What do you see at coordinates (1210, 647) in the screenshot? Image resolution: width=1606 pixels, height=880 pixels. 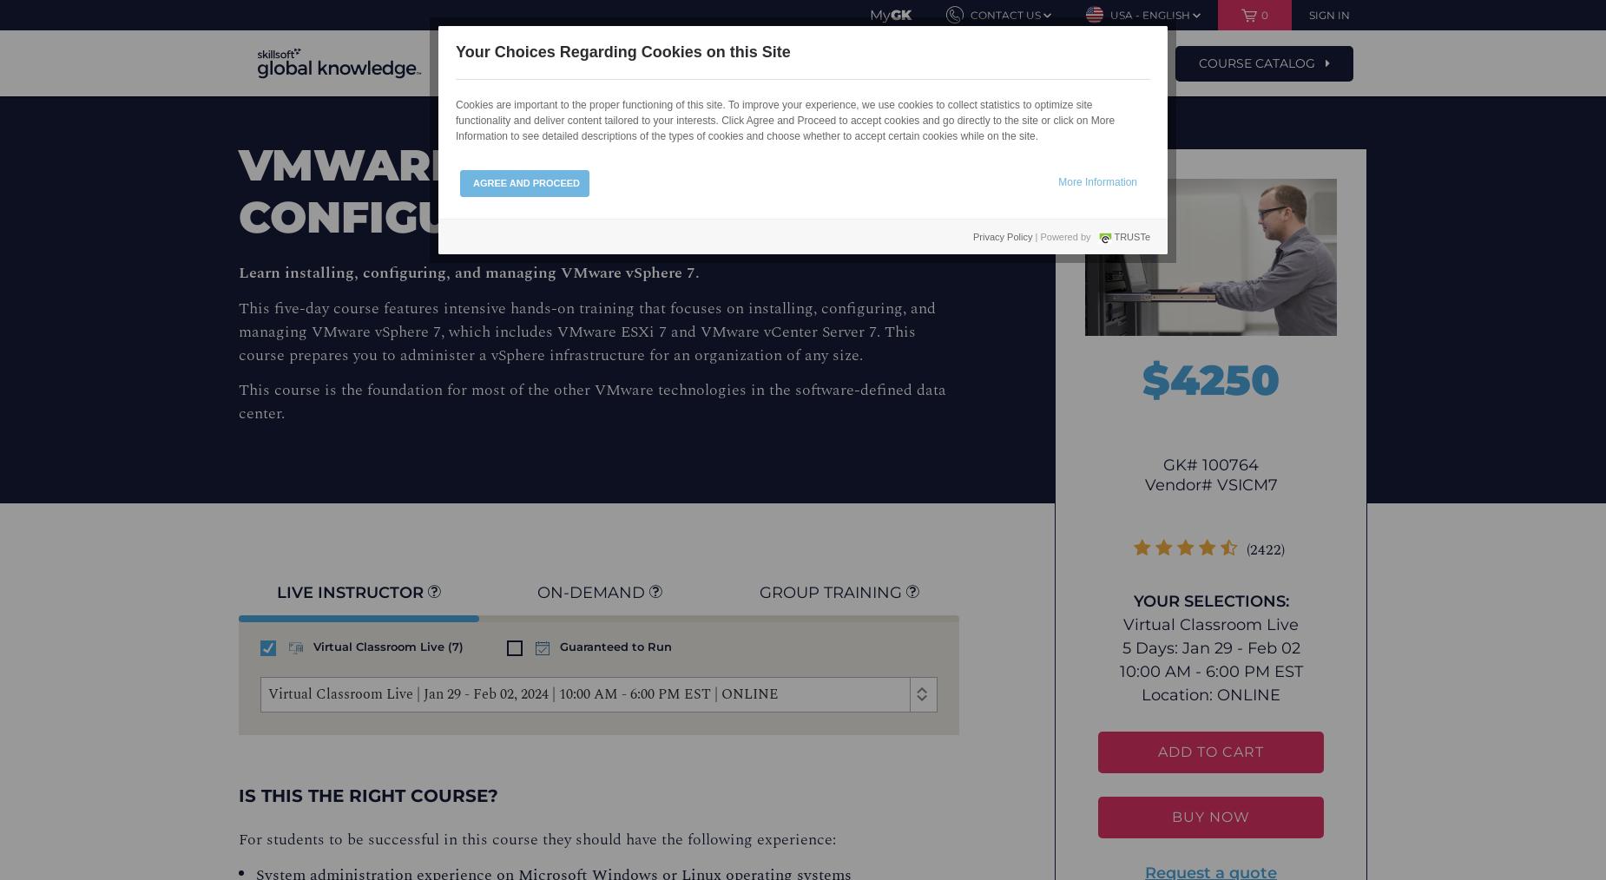 I see `'5 Days: Jan 29 - Feb 02'` at bounding box center [1210, 647].